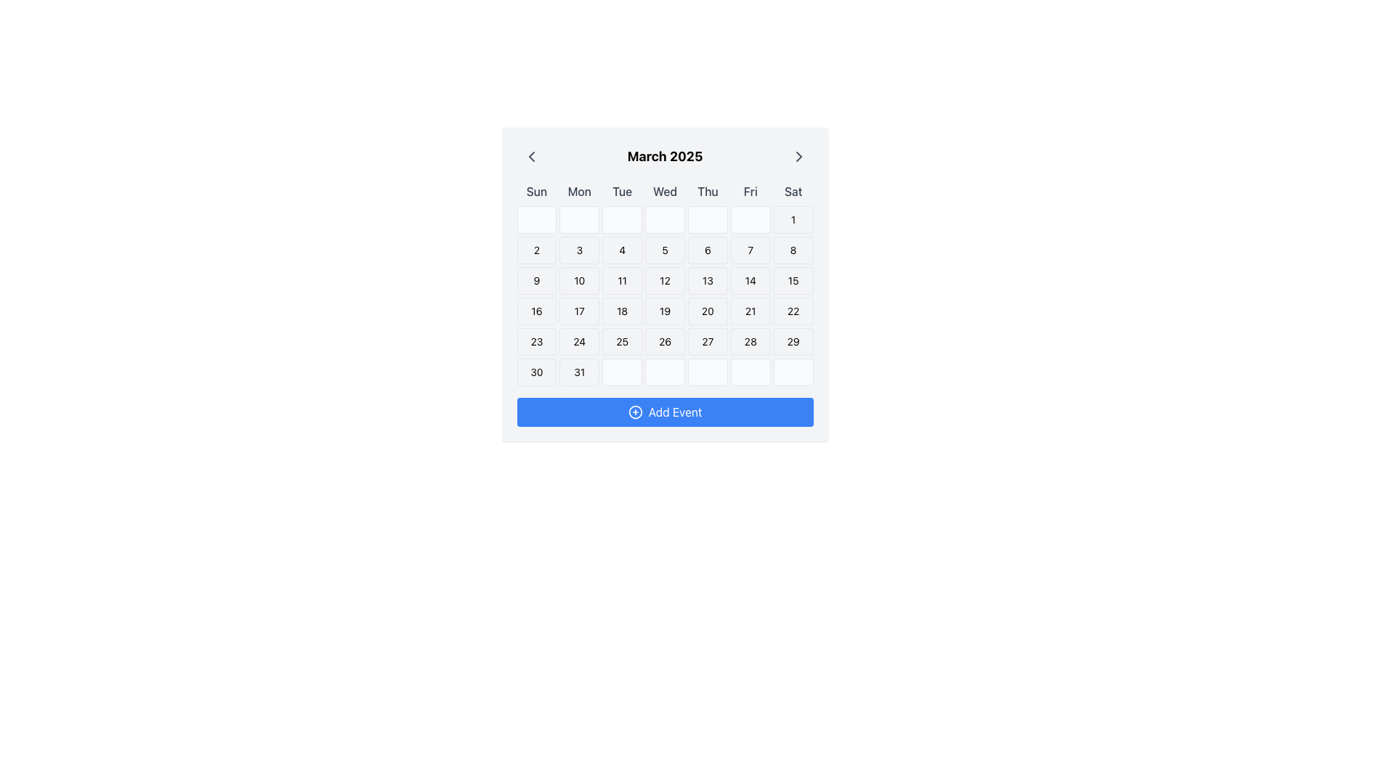  Describe the element at coordinates (530, 157) in the screenshot. I see `the back navigation button located in the top-left corner of the calendar panel` at that location.